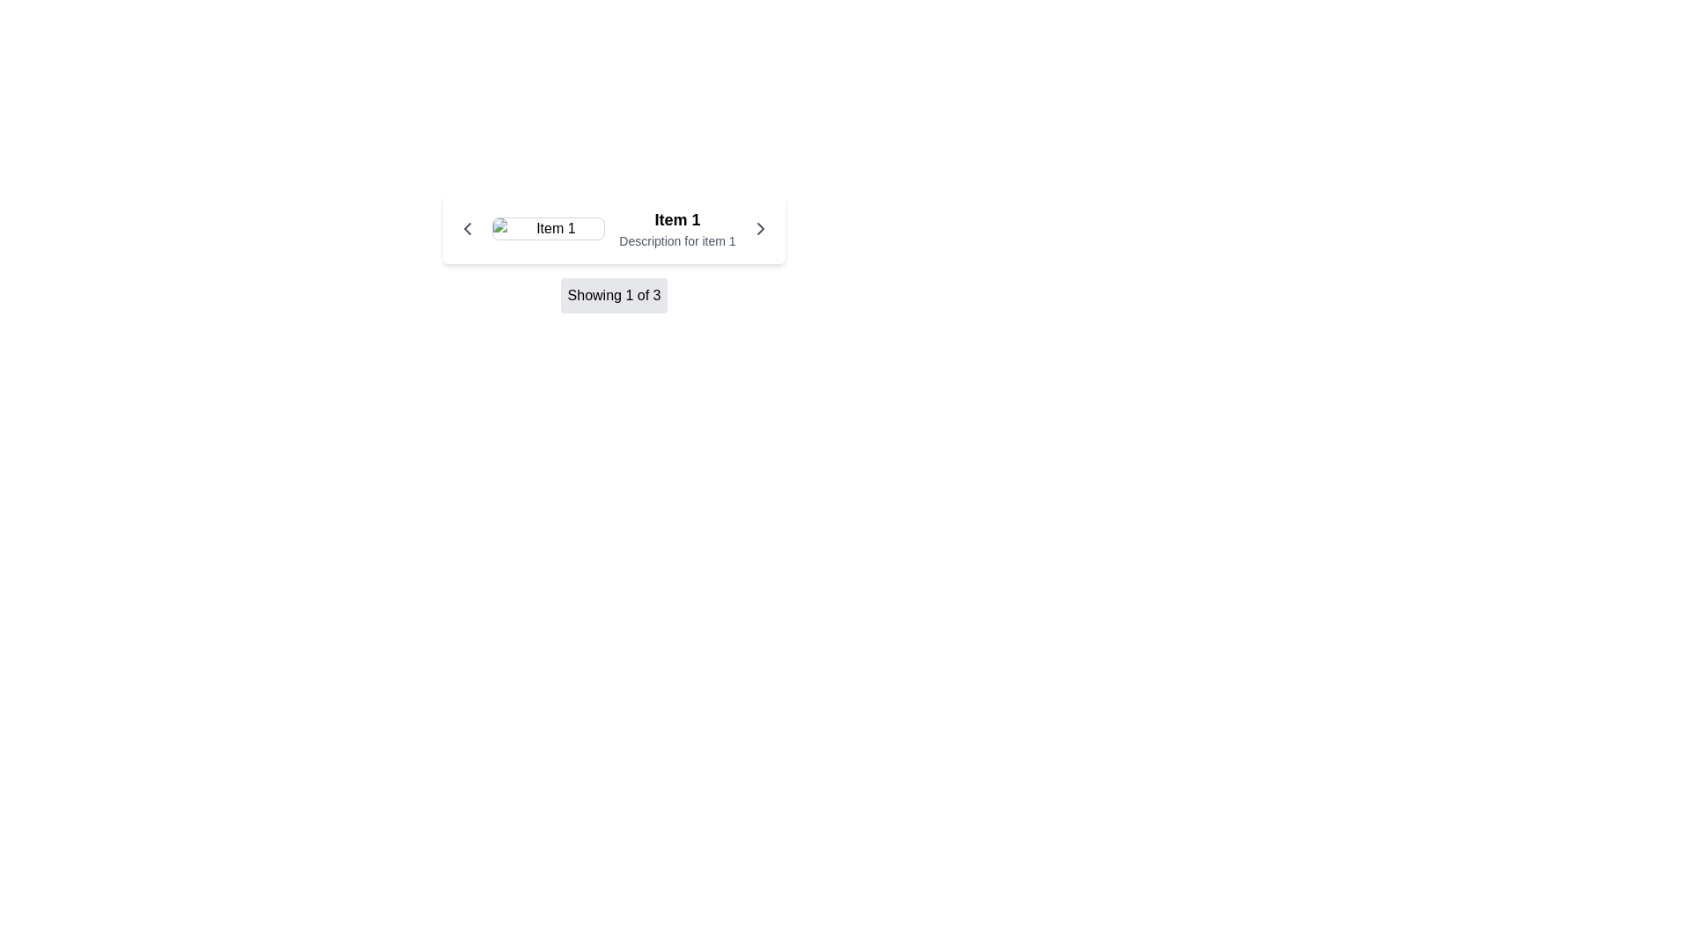  What do you see at coordinates (468, 227) in the screenshot?
I see `the left-pointing chevron-shaped button` at bounding box center [468, 227].